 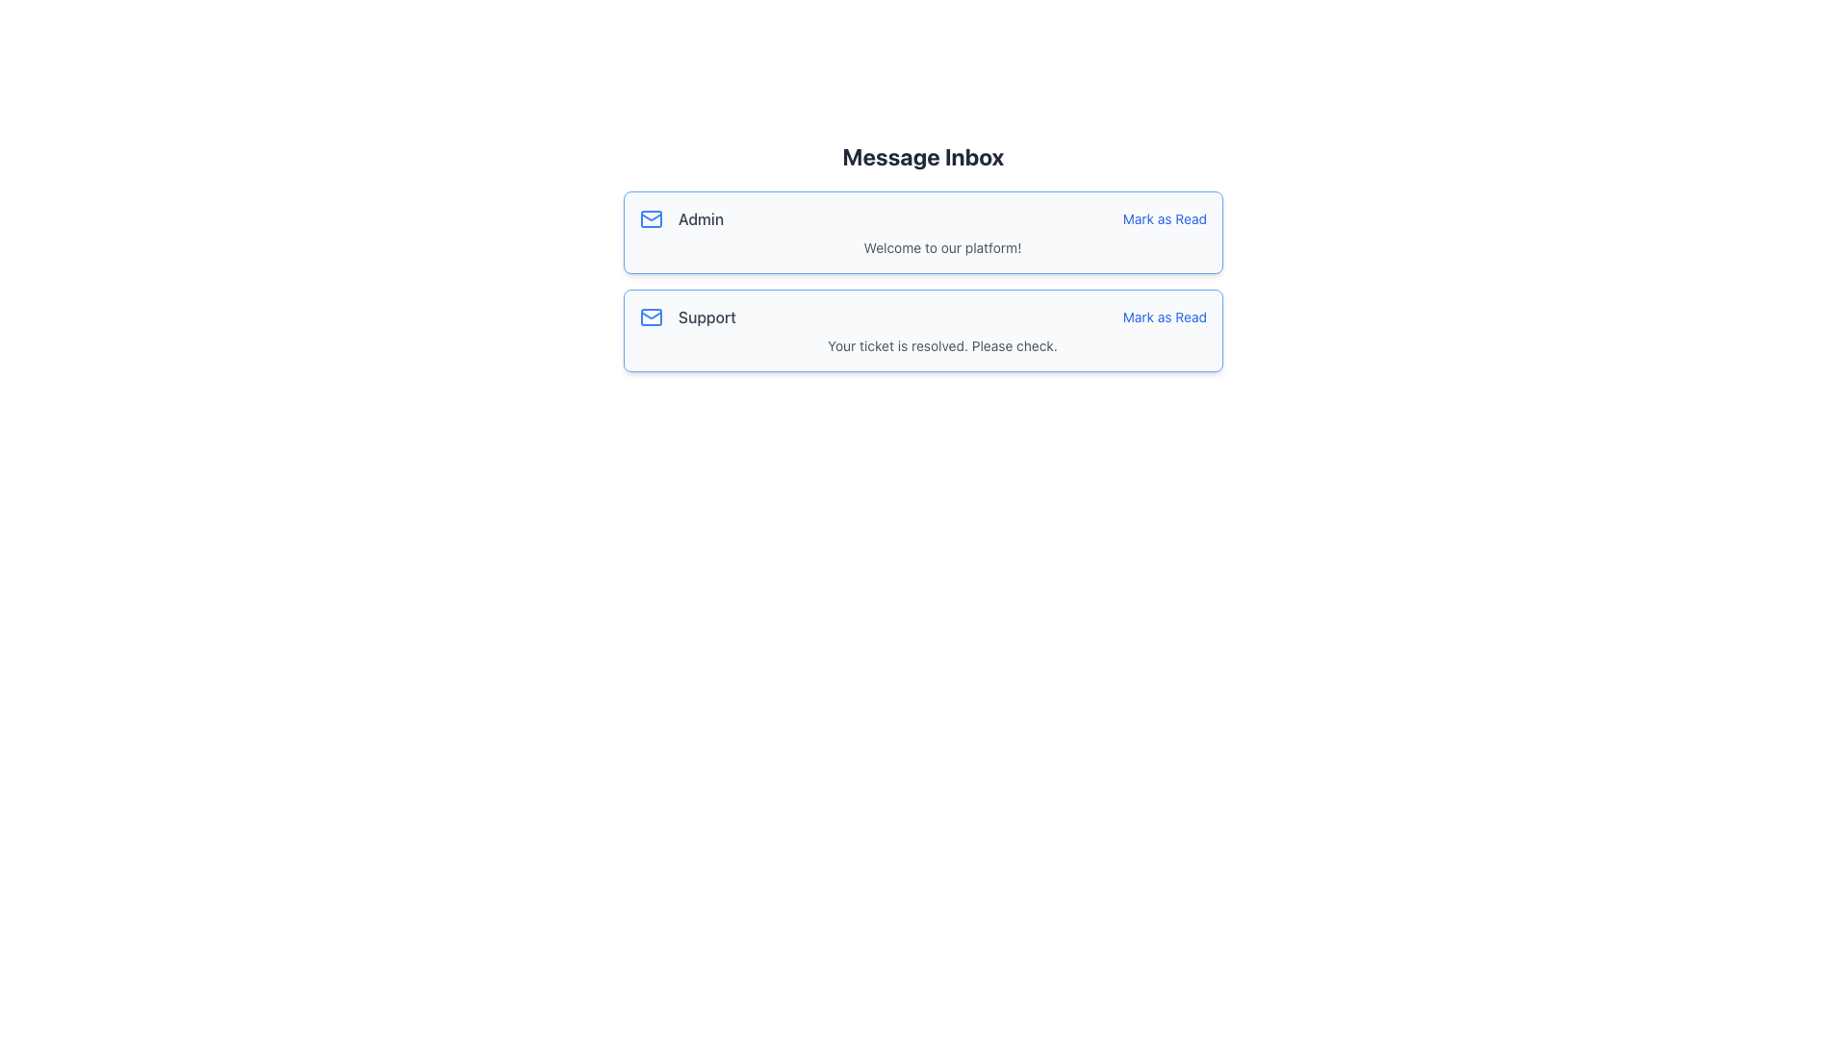 I want to click on the text label reading 'Your ticket is resolved. Please check.' which is located beneath the 'Mark as Read' button in the 'Support' message box, so click(x=942, y=344).